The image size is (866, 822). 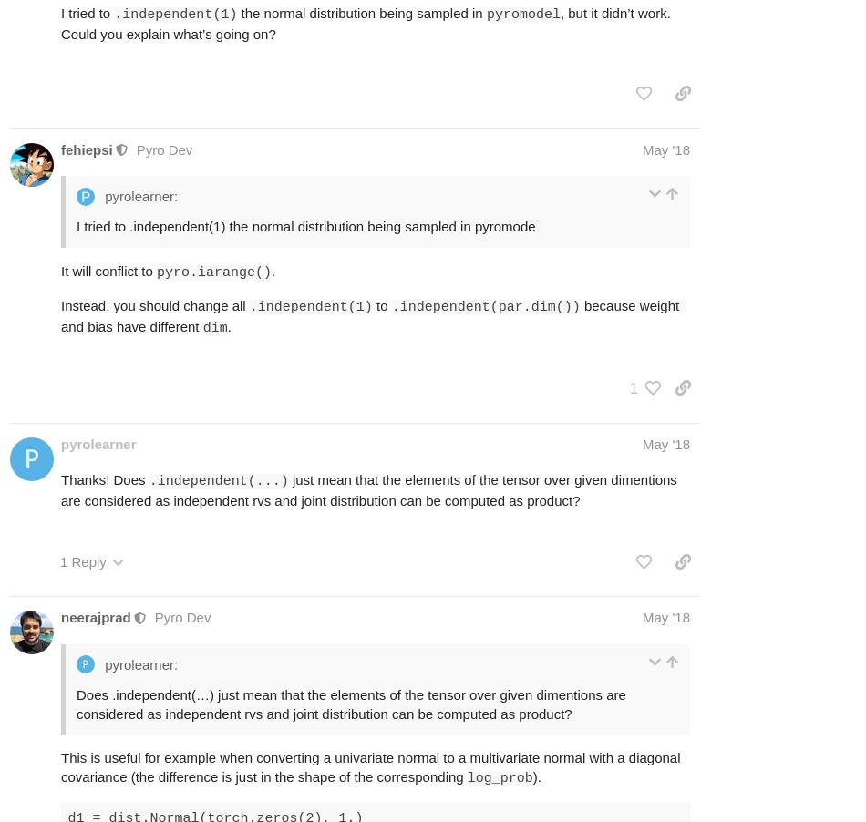 What do you see at coordinates (202, 326) in the screenshot?
I see `'dim'` at bounding box center [202, 326].